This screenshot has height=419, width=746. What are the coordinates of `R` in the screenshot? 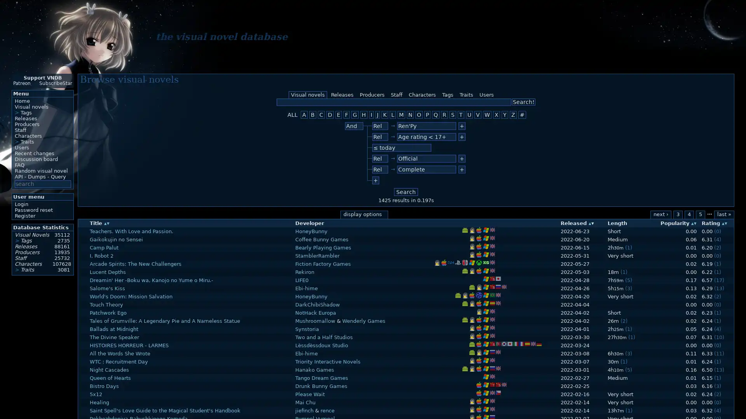 It's located at (444, 115).